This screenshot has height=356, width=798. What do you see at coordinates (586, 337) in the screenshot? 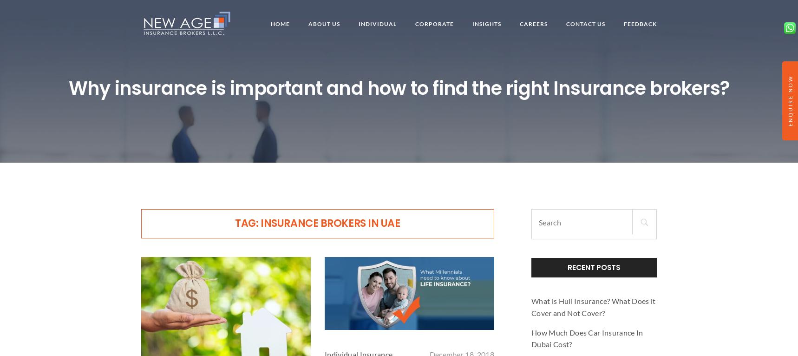
I see `'How Much Does Car Insurance In Dubai Cost?'` at bounding box center [586, 337].